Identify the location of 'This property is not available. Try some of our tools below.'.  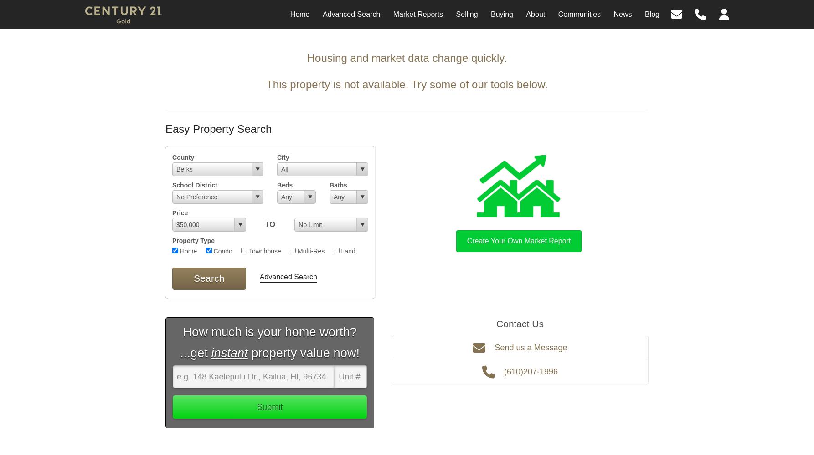
(266, 84).